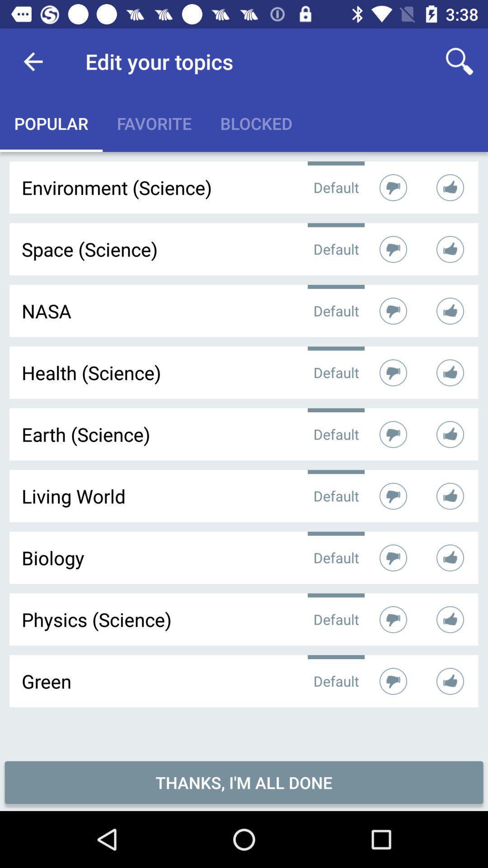 This screenshot has width=488, height=868. I want to click on the dislike option  to the right of green text, so click(393, 681).